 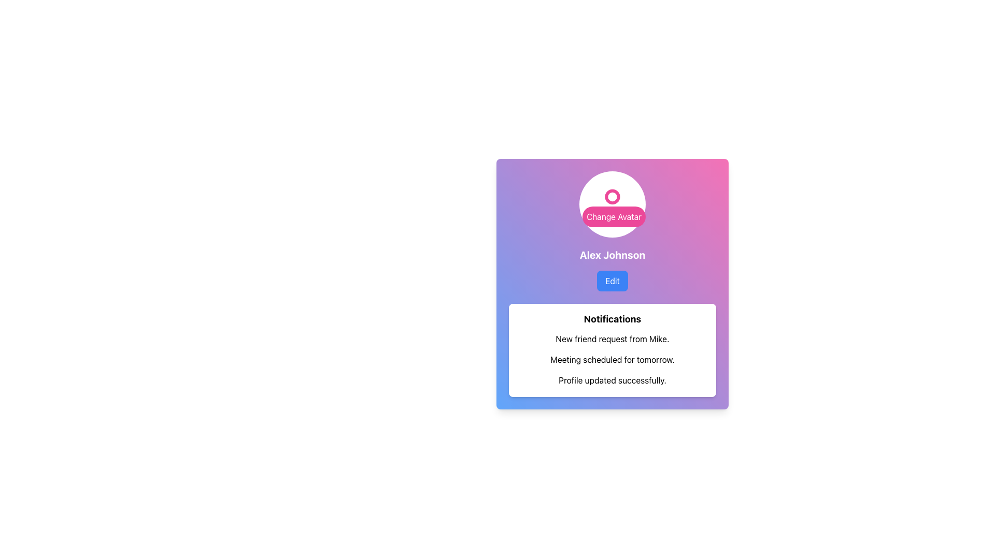 I want to click on notification text label that indicates a successful update of profile details, located at the bottom of a group of three notifications in a white box, so click(x=612, y=380).